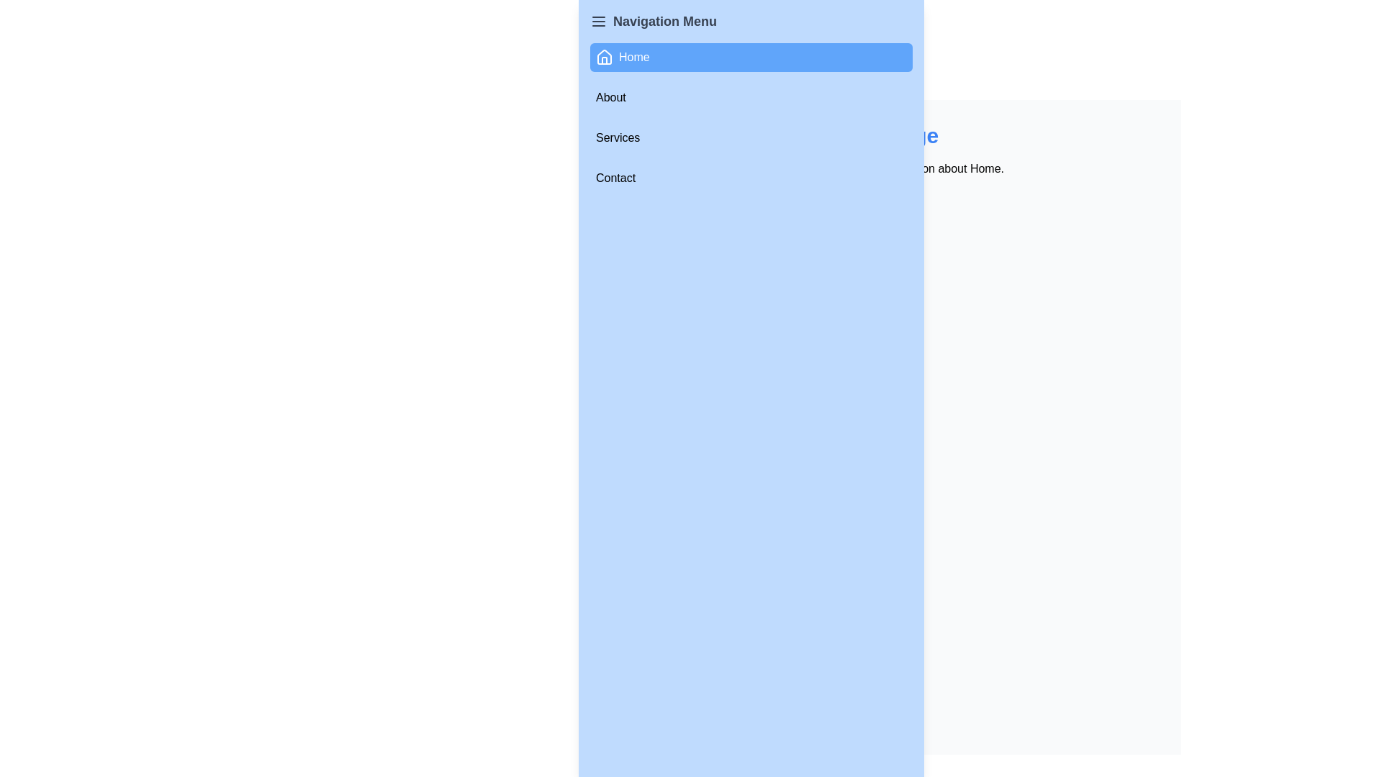 This screenshot has height=777, width=1382. Describe the element at coordinates (605, 55) in the screenshot. I see `the house icon with a blue background located next to the 'Home' text label in the vertical navigation menu` at that location.